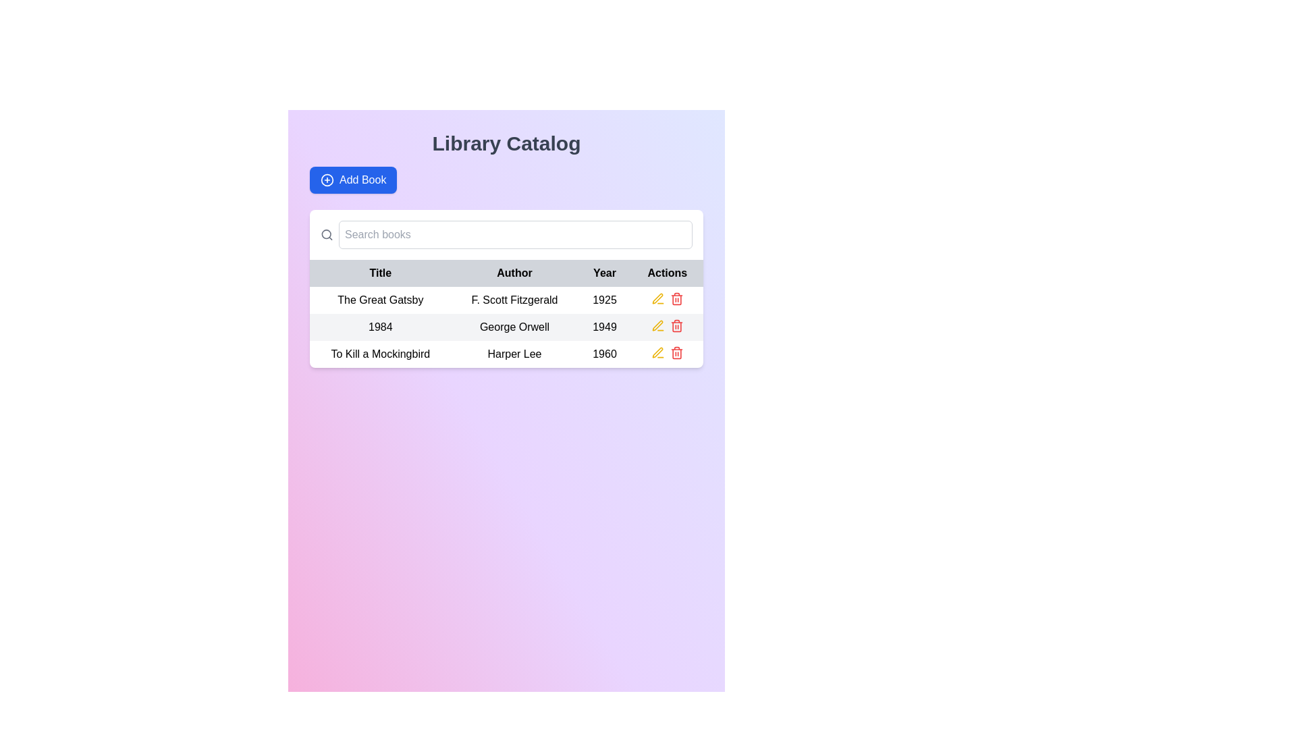 Image resolution: width=1296 pixels, height=729 pixels. Describe the element at coordinates (676, 352) in the screenshot. I see `the delete action button located in the last row of the table, to the right of the edit icon, associated with the title 'To Kill a Mockingbird'` at that location.